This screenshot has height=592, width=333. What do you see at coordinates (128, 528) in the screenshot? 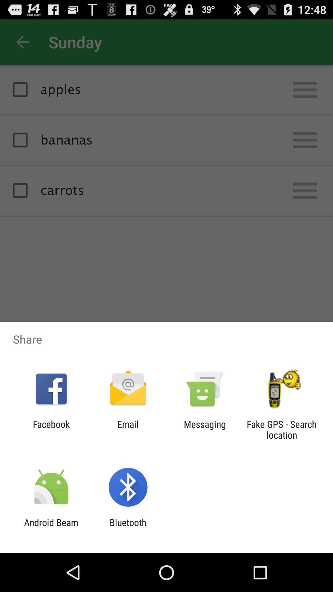
I see `bluetooth icon` at bounding box center [128, 528].